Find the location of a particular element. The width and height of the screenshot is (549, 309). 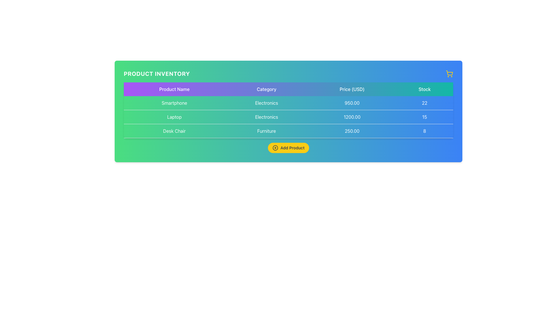

the icon at the center of the yellow 'Add Product' button is located at coordinates (275, 147).